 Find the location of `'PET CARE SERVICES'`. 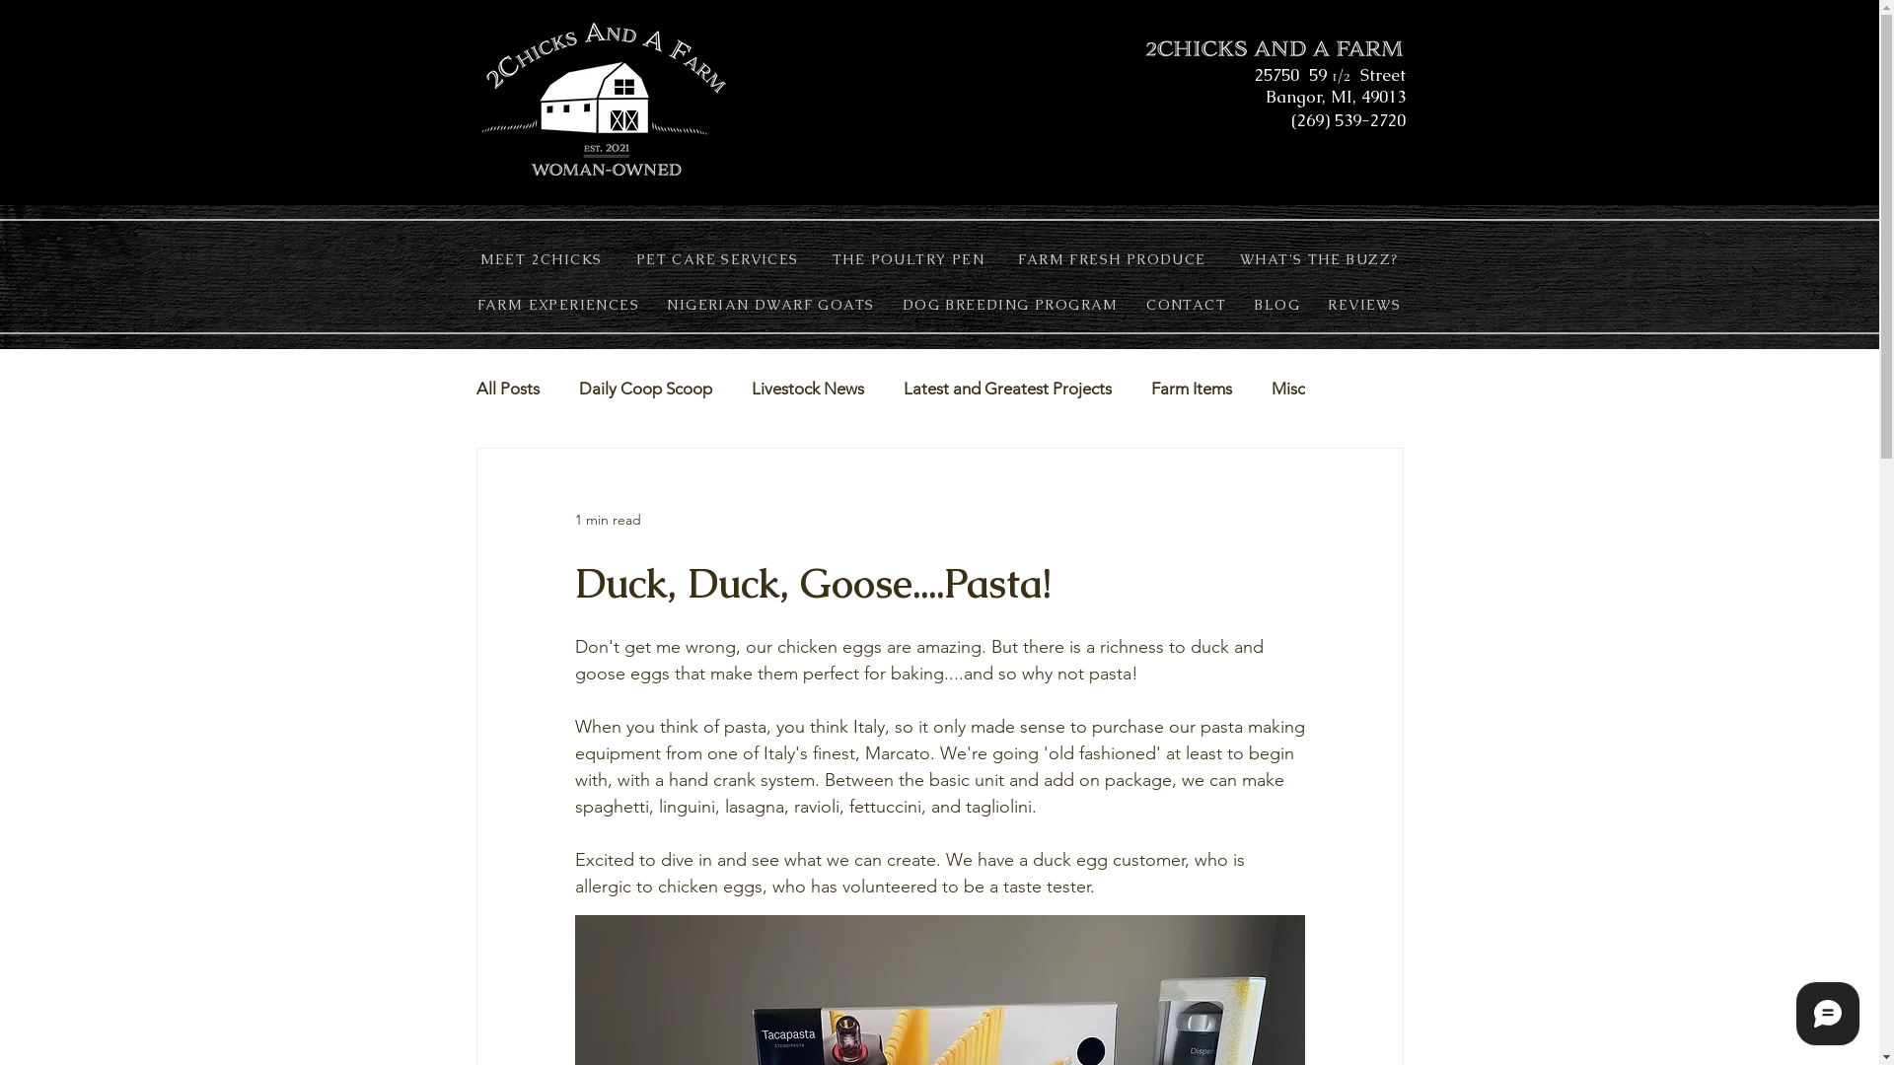

'PET CARE SERVICES' is located at coordinates (716, 257).